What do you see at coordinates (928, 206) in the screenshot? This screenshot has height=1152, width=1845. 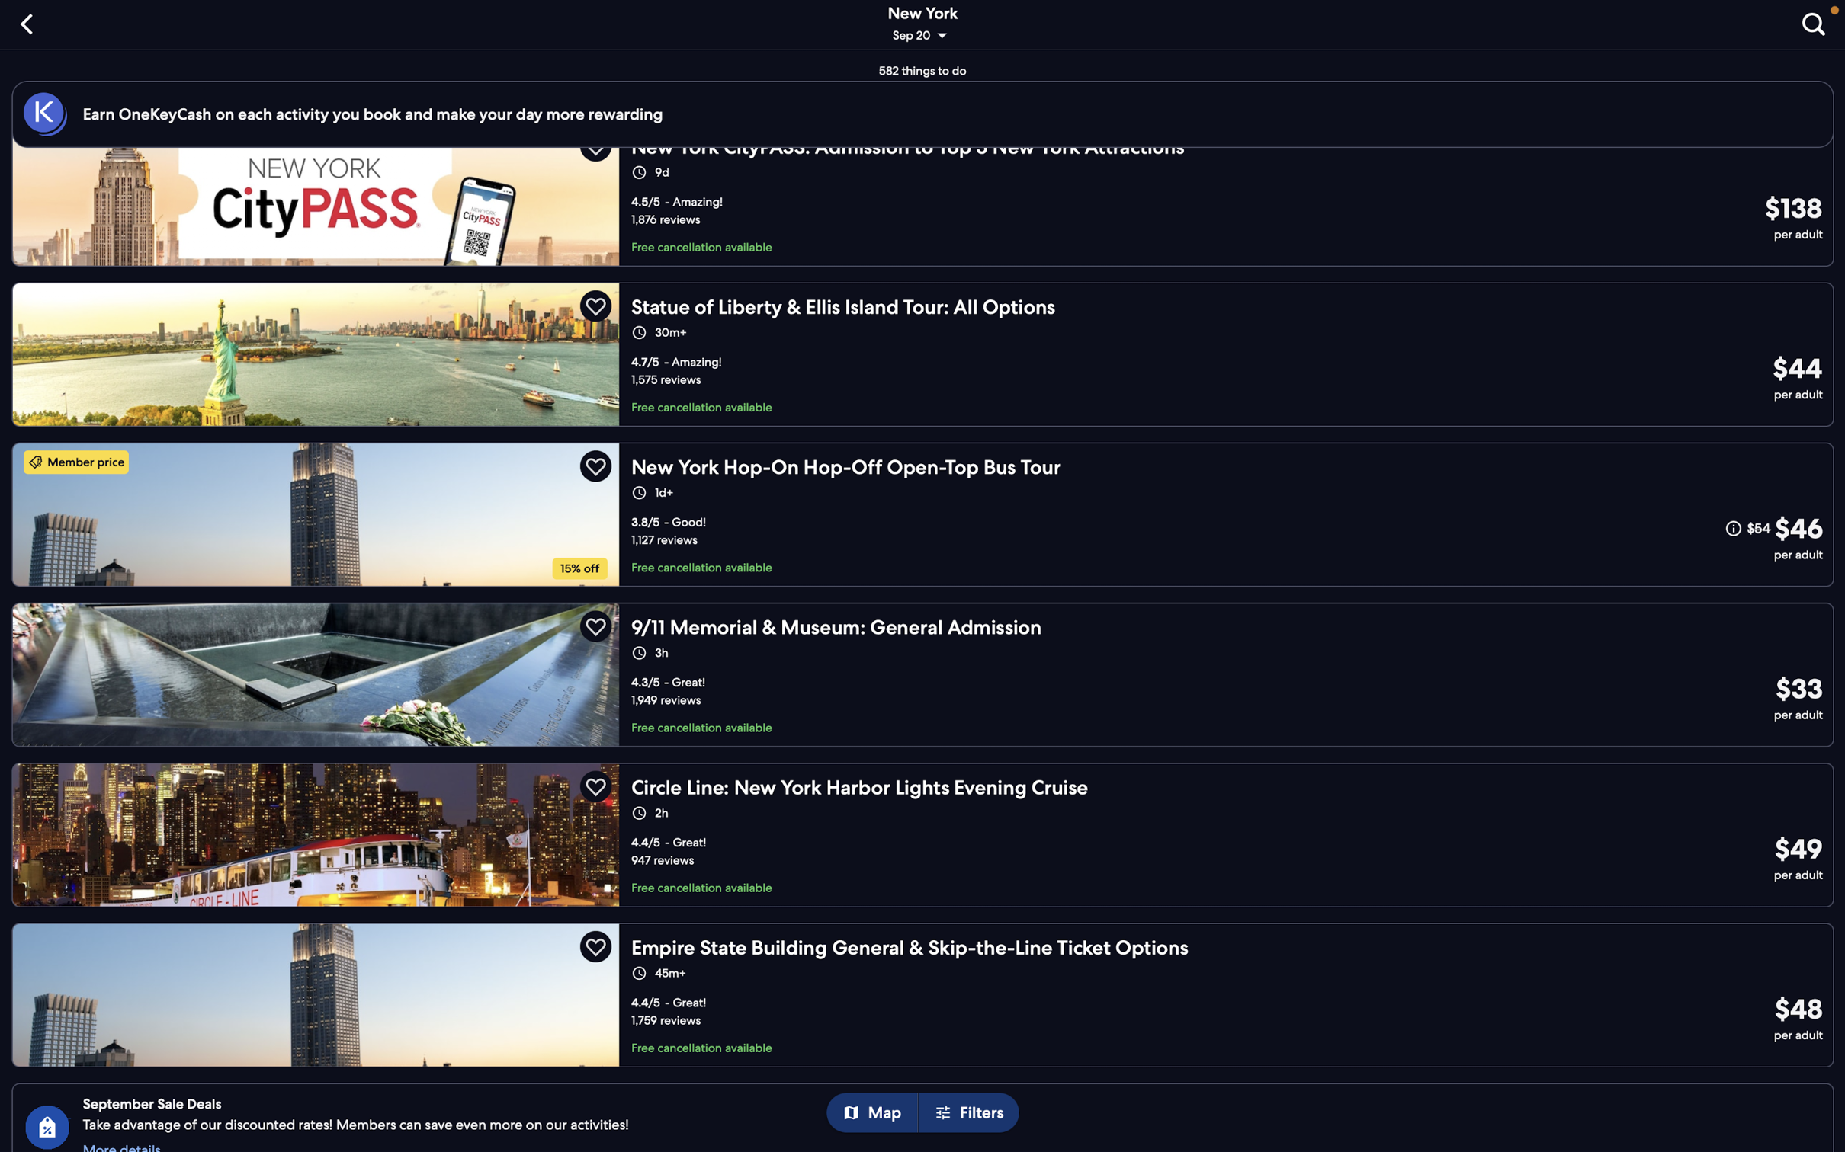 I see `Navigate and opt for "citypass newyork" to view the package options` at bounding box center [928, 206].